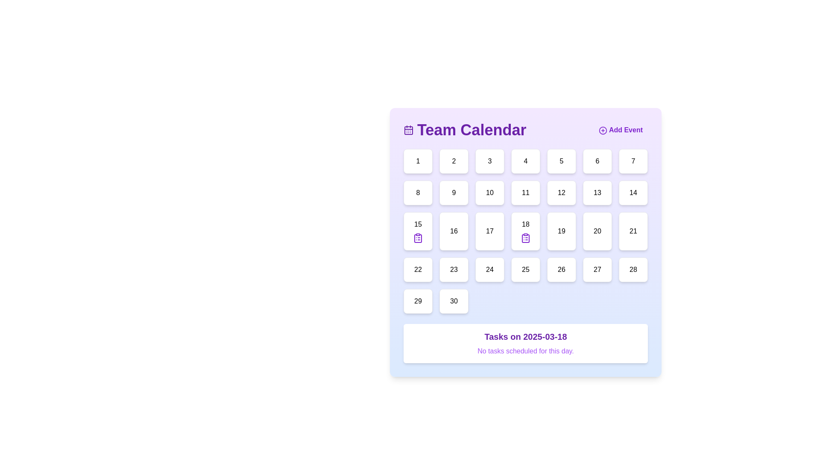 Image resolution: width=820 pixels, height=461 pixels. Describe the element at coordinates (597, 193) in the screenshot. I see `the square button with a white background and bold black text displaying '13'` at that location.